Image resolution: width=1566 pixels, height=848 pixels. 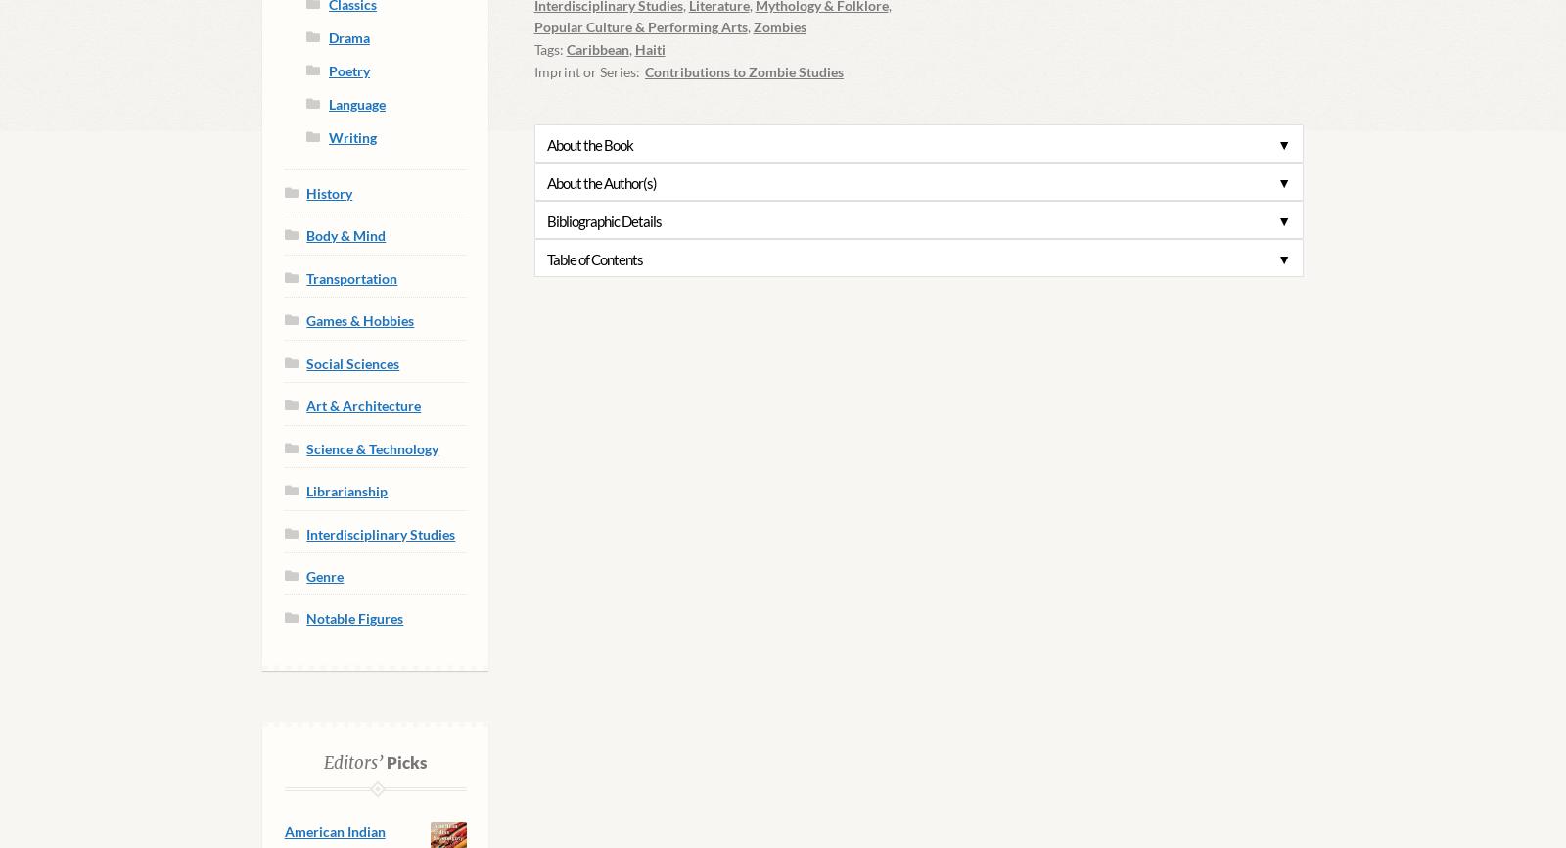 I want to click on 'Genre', so click(x=325, y=576).